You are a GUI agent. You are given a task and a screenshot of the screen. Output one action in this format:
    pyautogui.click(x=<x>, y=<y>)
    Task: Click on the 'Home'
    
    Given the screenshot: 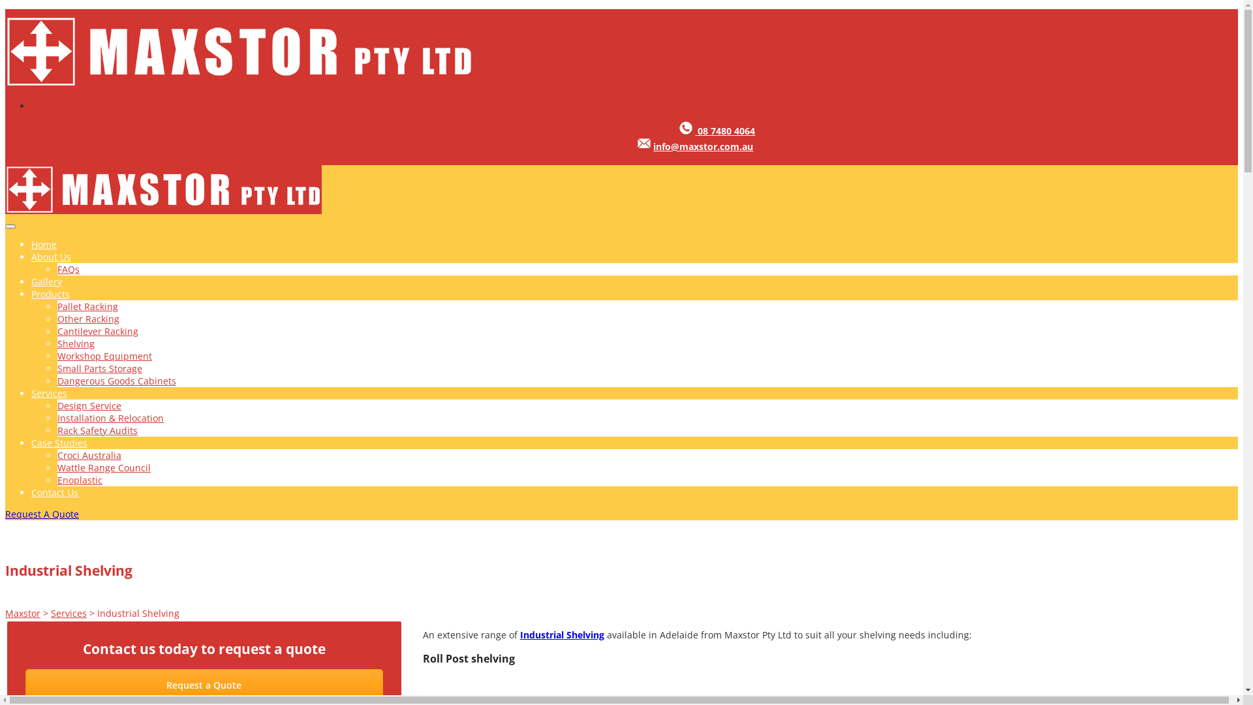 What is the action you would take?
    pyautogui.click(x=31, y=244)
    